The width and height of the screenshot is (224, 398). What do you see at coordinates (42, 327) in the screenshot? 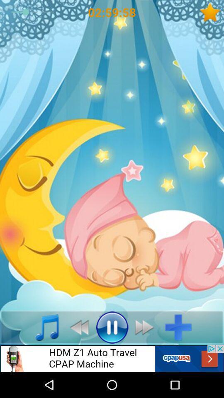
I see `music button` at bounding box center [42, 327].